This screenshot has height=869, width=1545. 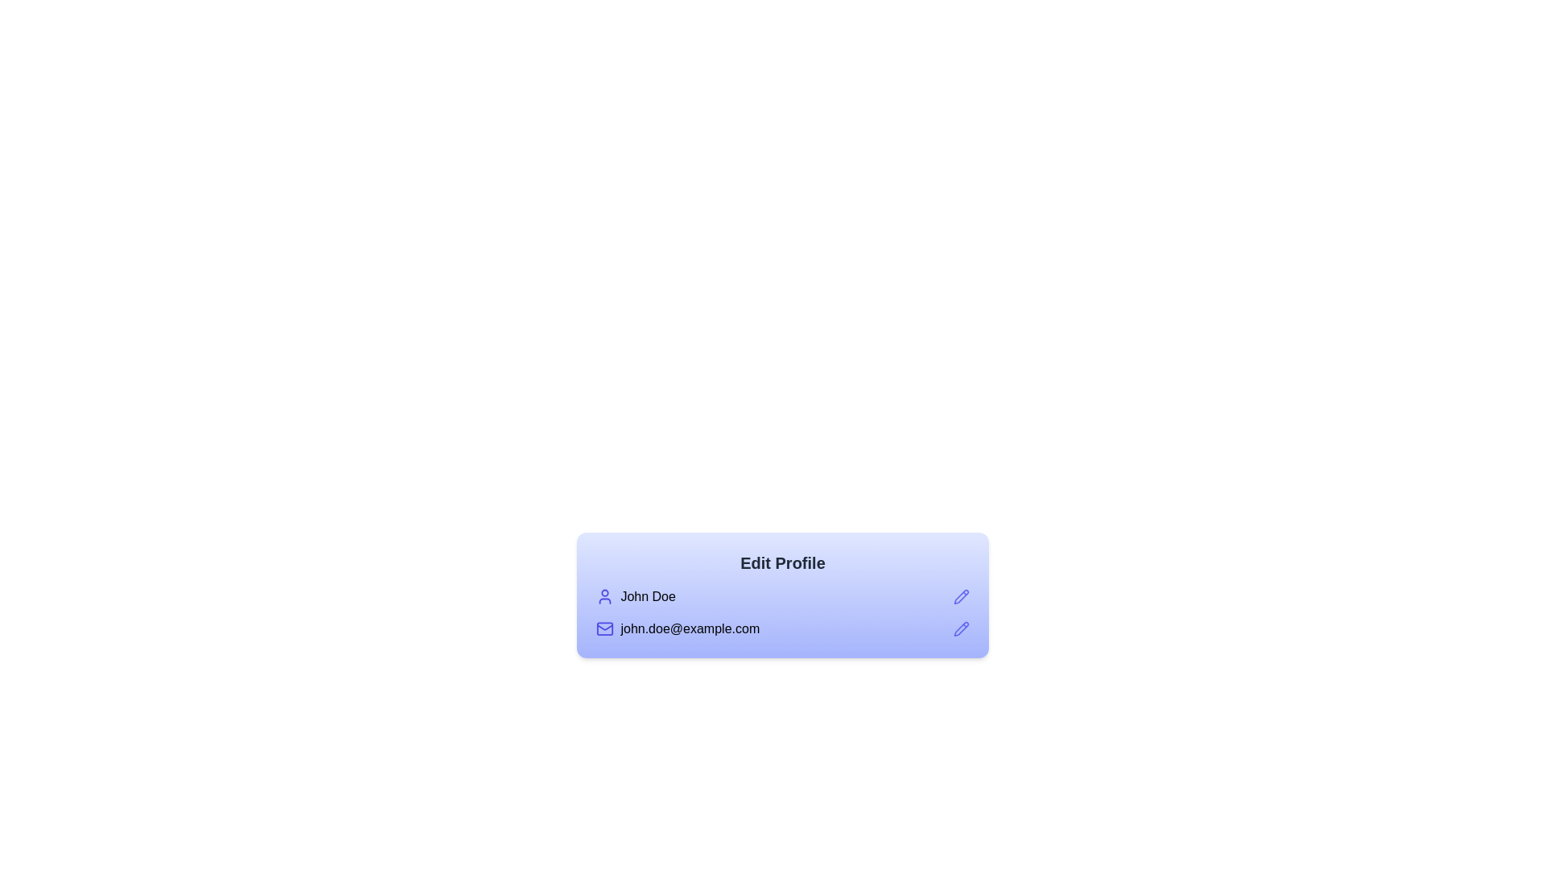 What do you see at coordinates (962, 596) in the screenshot?
I see `the blue pen icon located in the top right corner of the user's profile information card` at bounding box center [962, 596].